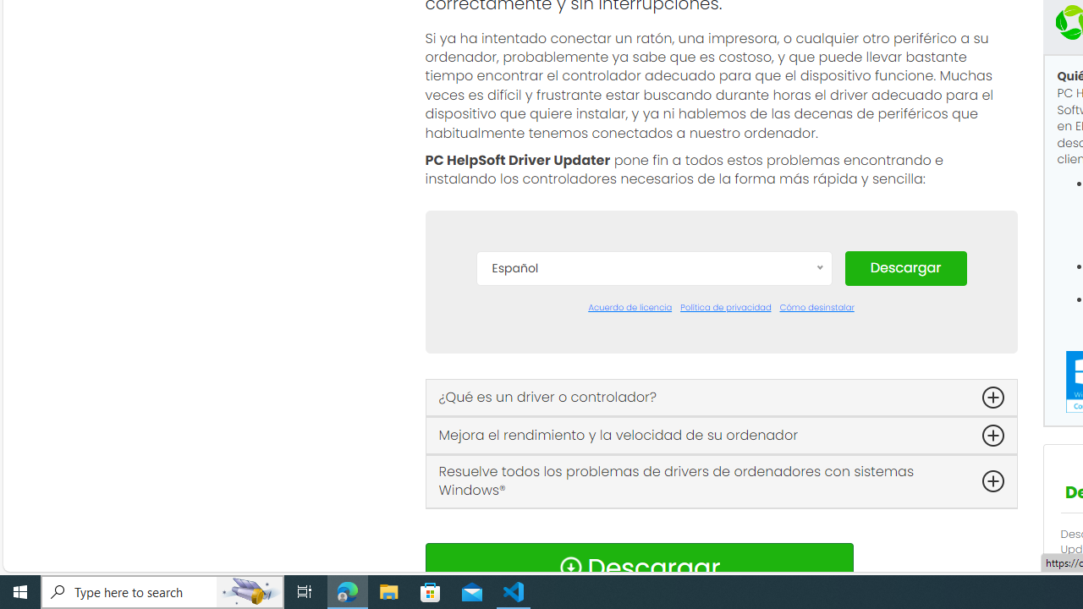 The image size is (1083, 609). Describe the element at coordinates (629, 307) in the screenshot. I see `'Acuerdo de licencia'` at that location.